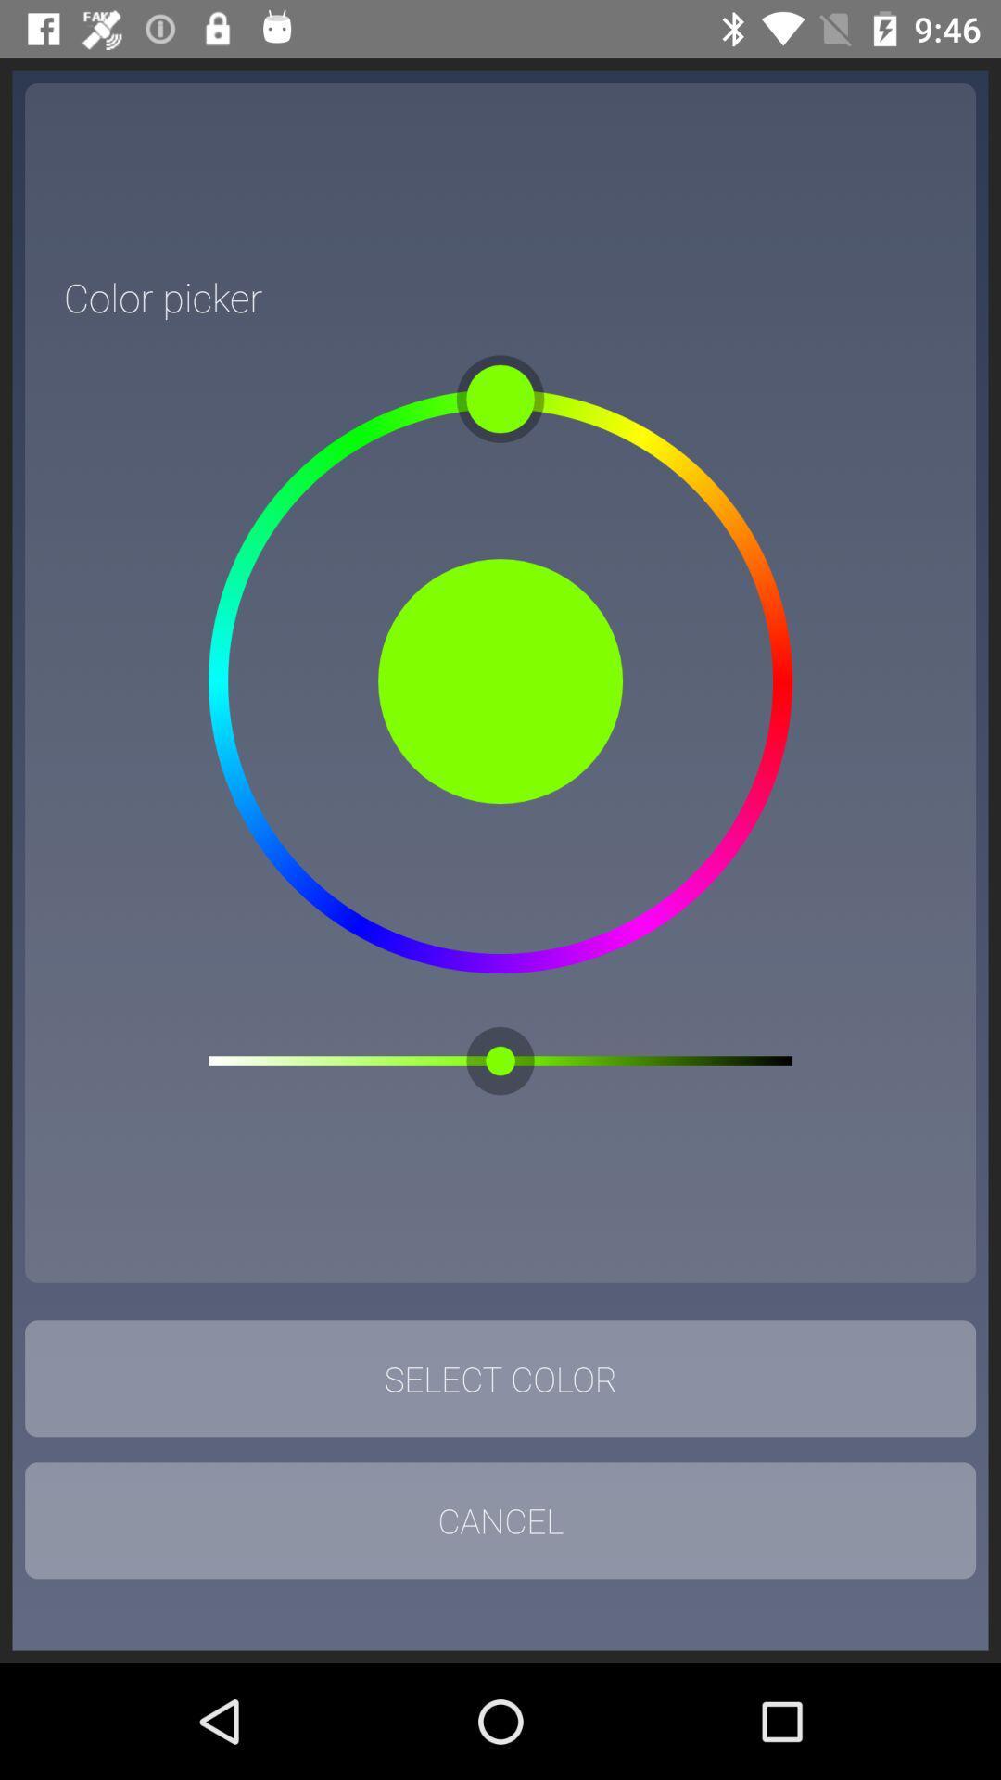 The image size is (1001, 1780). Describe the element at coordinates (500, 1520) in the screenshot. I see `the cancel item` at that location.